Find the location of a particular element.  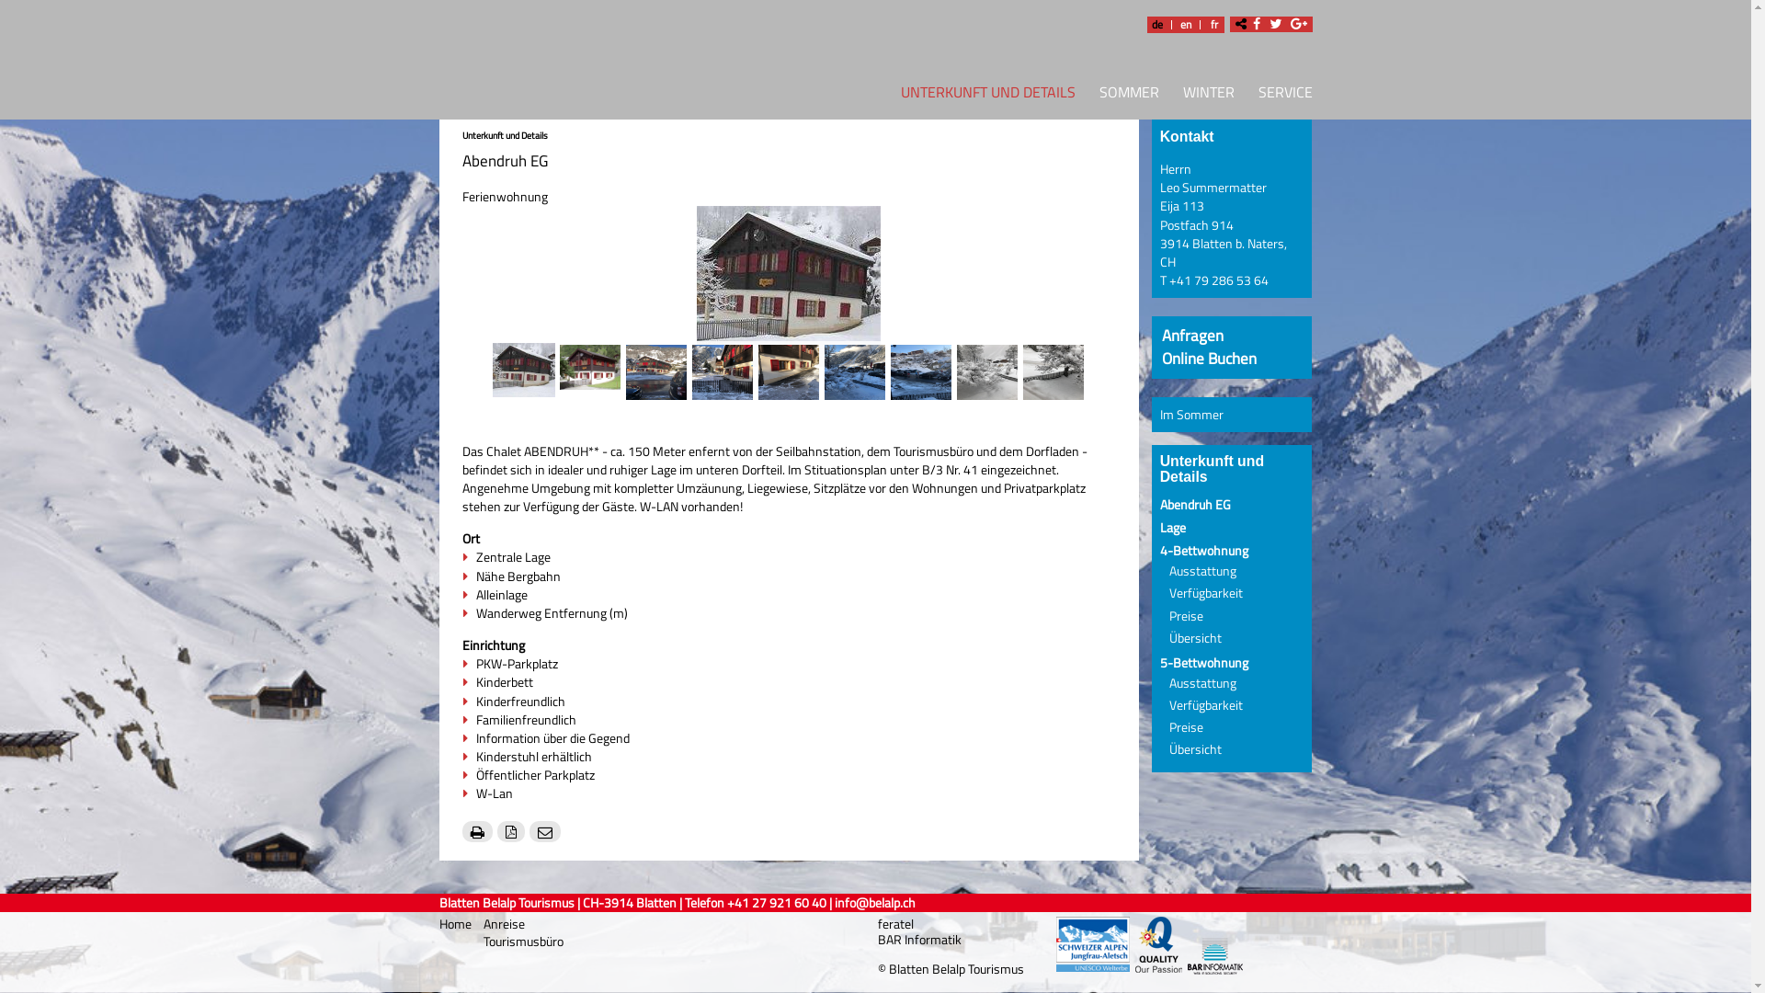

'Im Sommer' is located at coordinates (1191, 415).